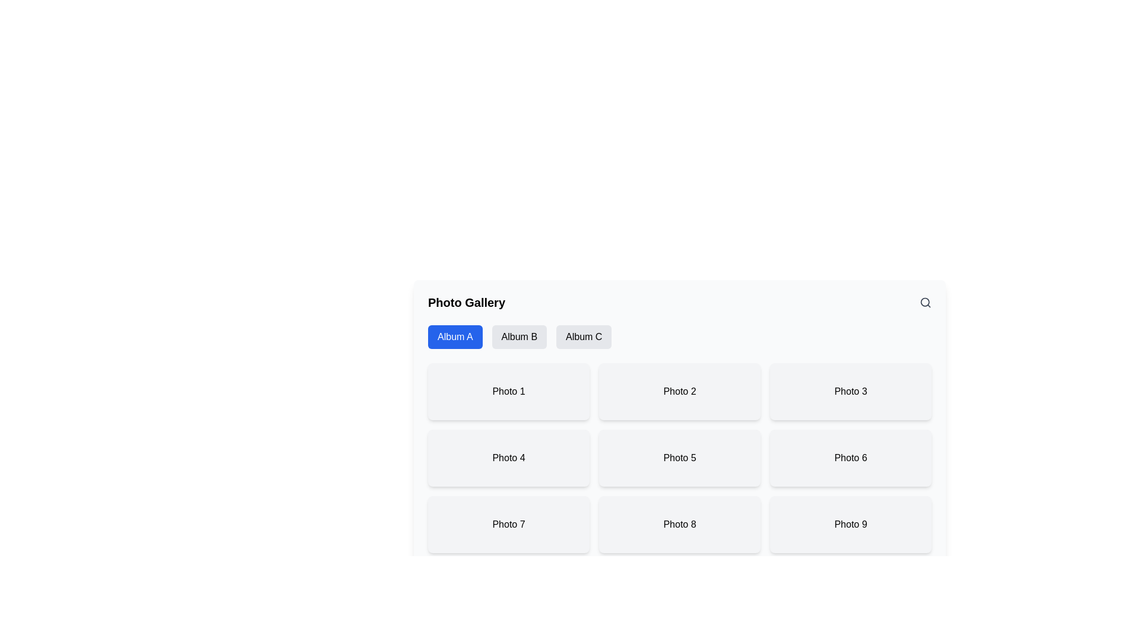  I want to click on the 'Photo 8' card element located in the middle column of the third row in the grid layout, so click(680, 523).